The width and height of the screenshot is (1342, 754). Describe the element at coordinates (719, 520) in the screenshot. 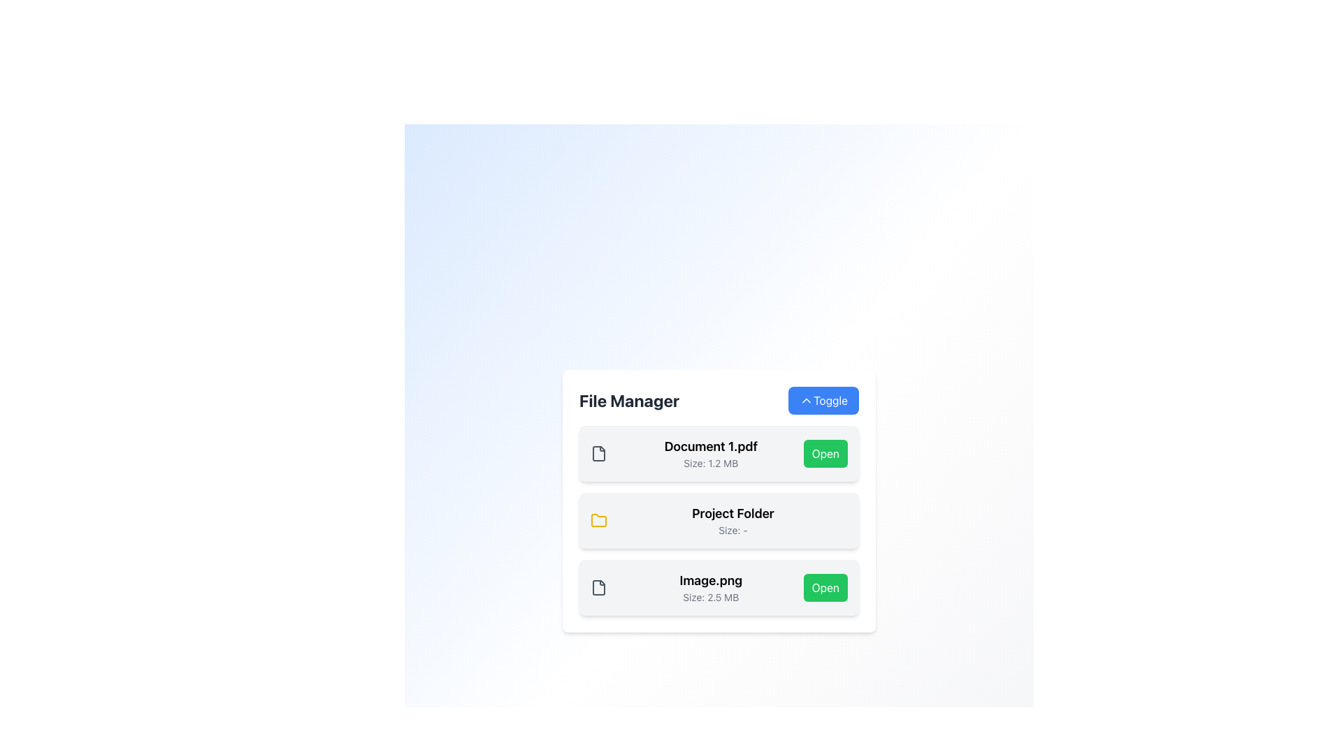

I see `the folder named 'Project Folder' with incomplete size information` at that location.